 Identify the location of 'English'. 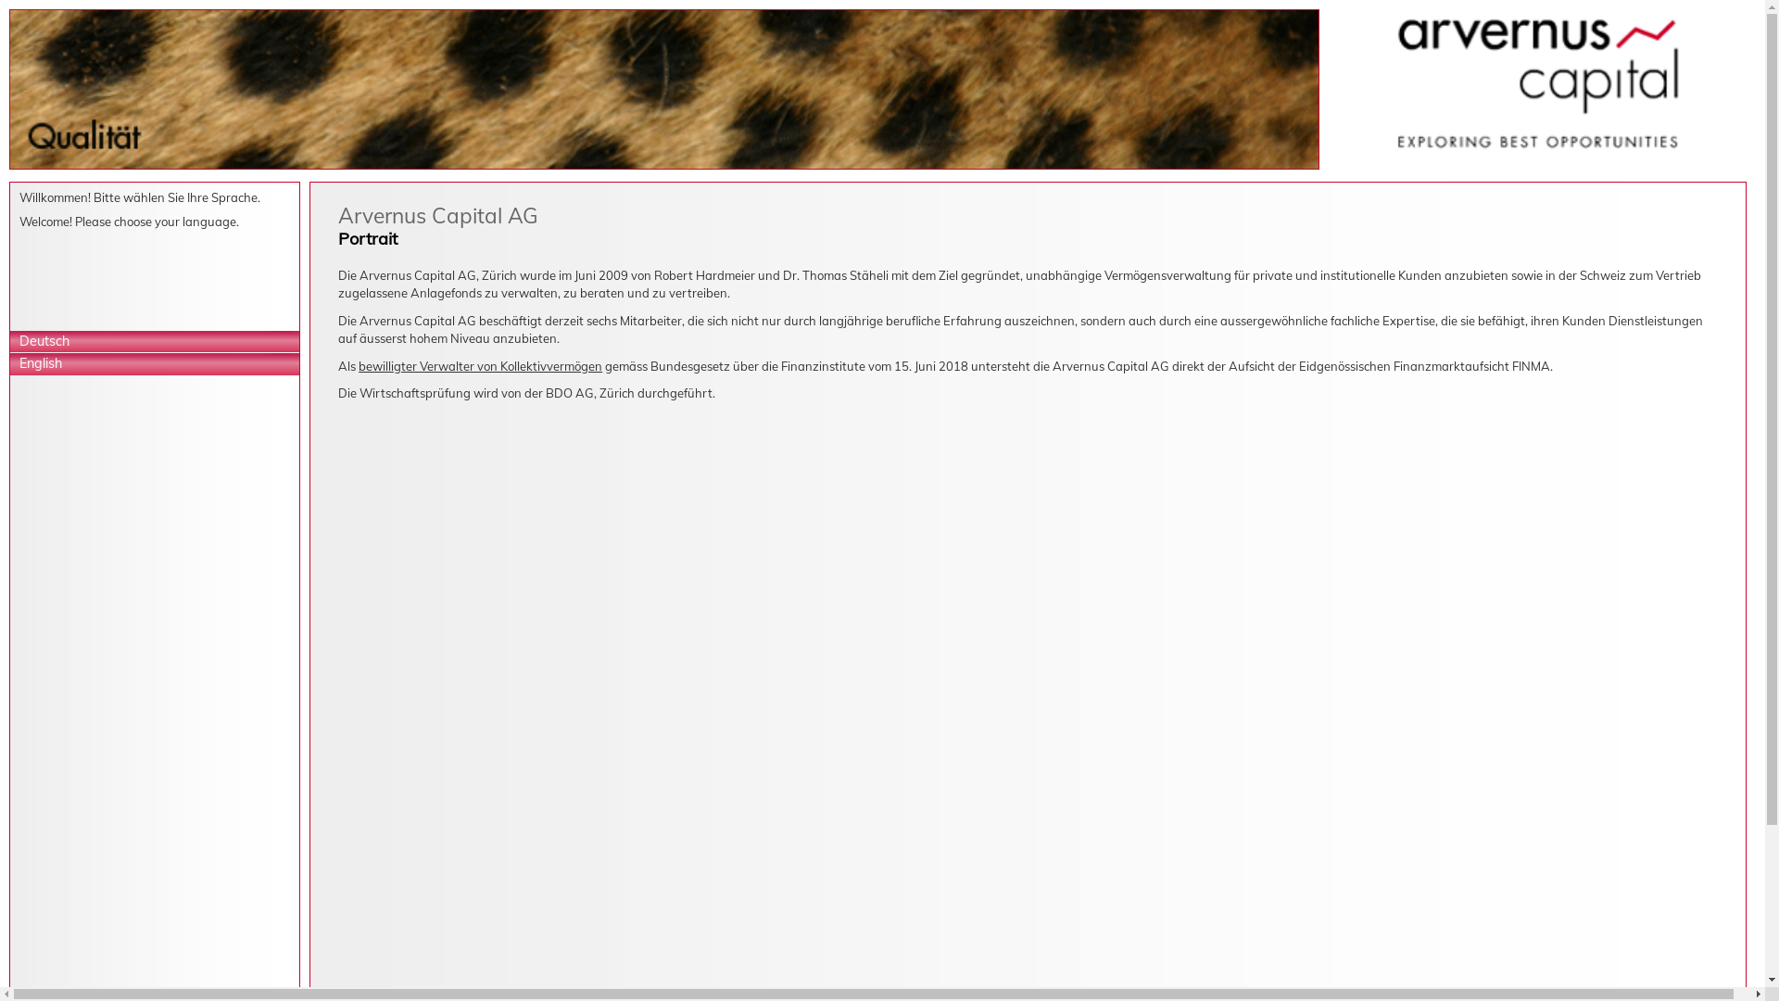
(156, 363).